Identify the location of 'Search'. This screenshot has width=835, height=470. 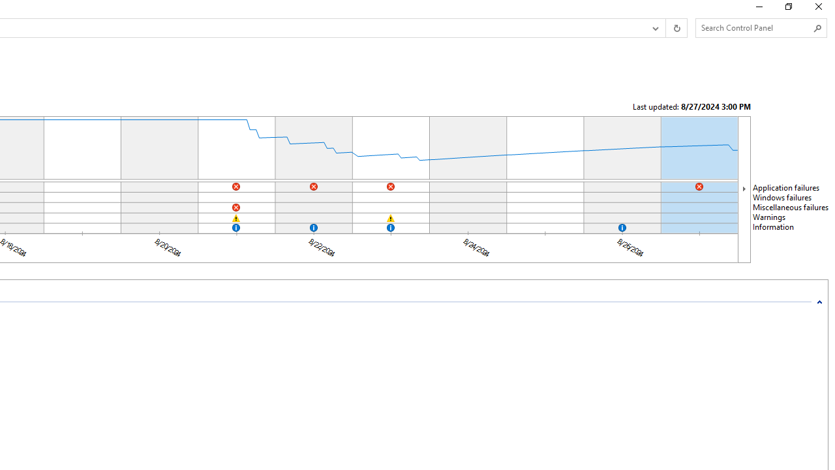
(817, 28).